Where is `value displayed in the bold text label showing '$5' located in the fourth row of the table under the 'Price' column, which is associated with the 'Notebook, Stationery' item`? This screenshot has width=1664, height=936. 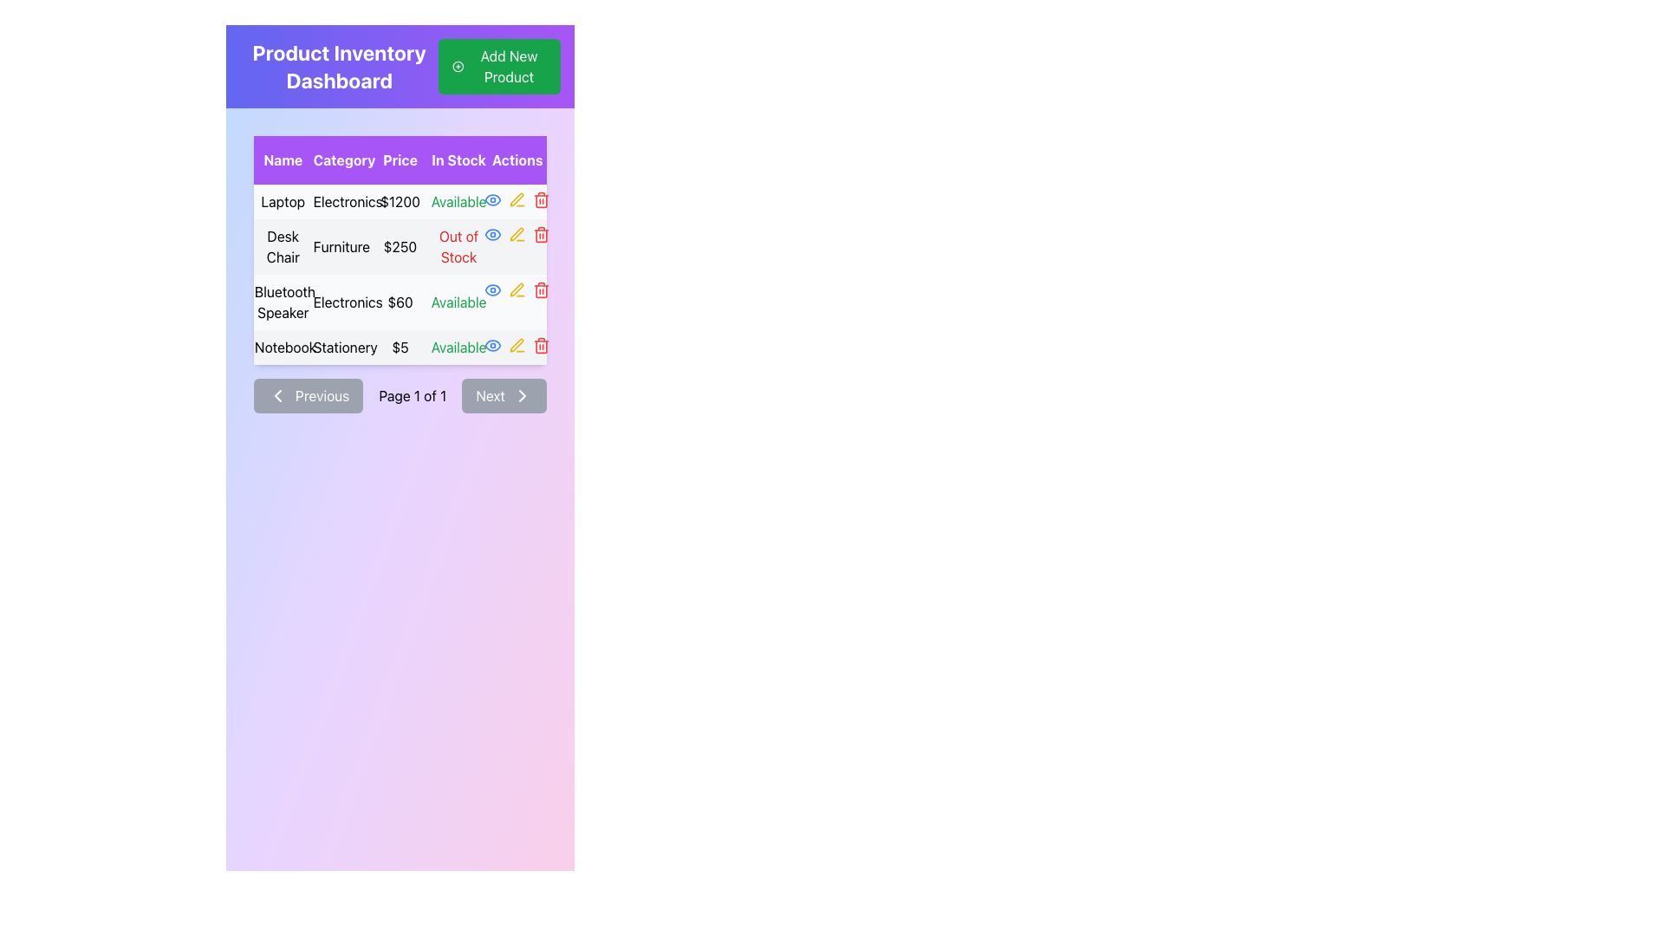
value displayed in the bold text label showing '$5' located in the fourth row of the table under the 'Price' column, which is associated with the 'Notebook, Stationery' item is located at coordinates (399, 348).